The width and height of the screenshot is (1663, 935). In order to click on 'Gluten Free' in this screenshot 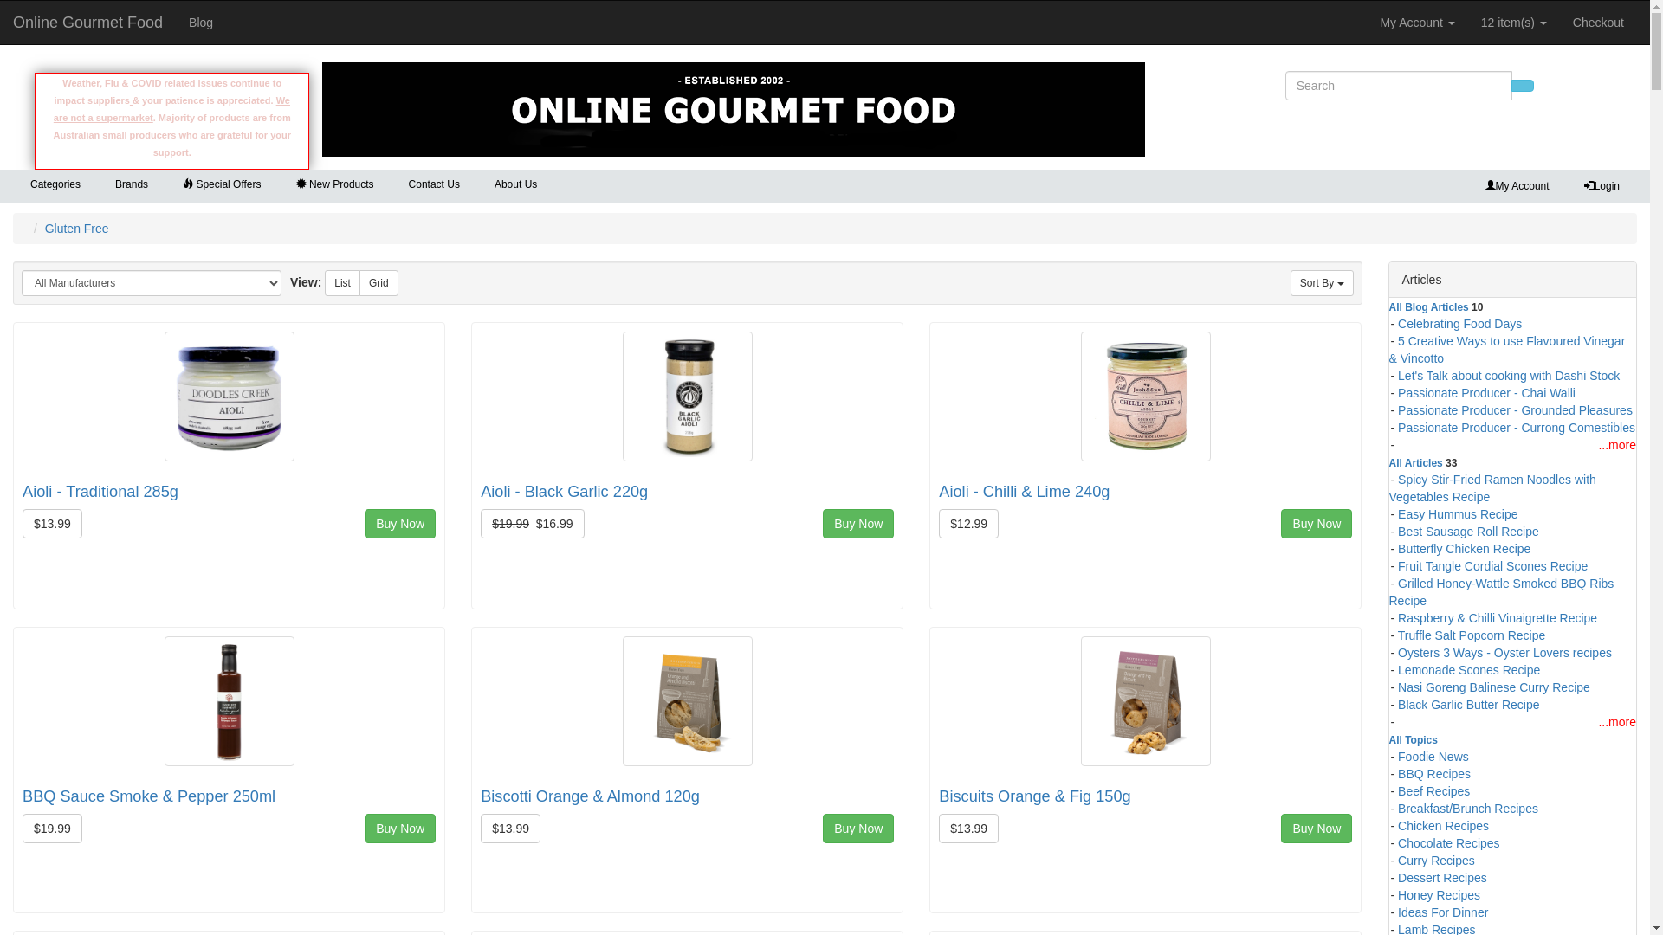, I will do `click(76, 227)`.